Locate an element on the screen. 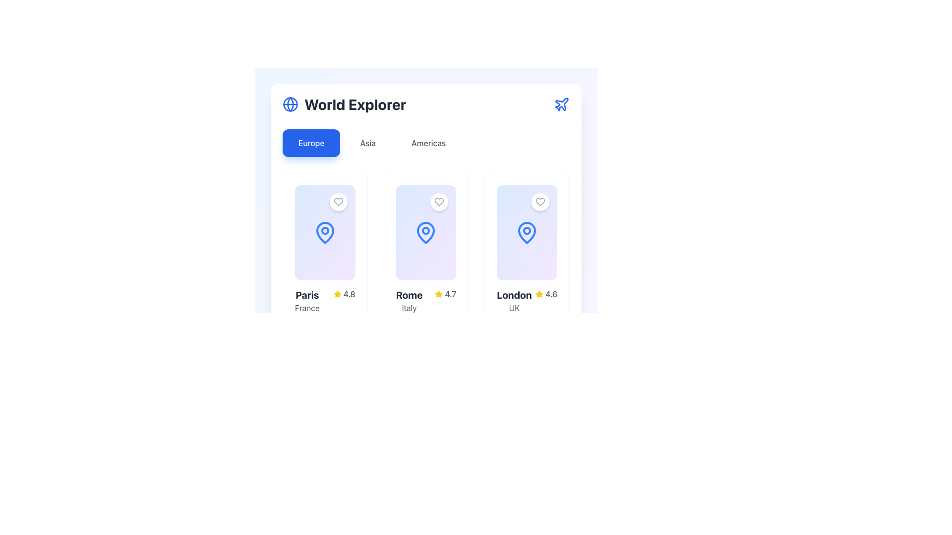  the Text Display indicating the rating value of 4.8 for the item 'Paris', which is located to the right of the star symbol in the Europe tab is located at coordinates (349, 294).